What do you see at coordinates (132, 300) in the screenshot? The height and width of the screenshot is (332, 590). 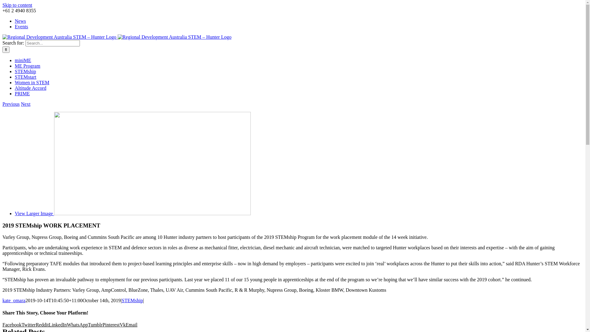 I see `'STEMship'` at bounding box center [132, 300].